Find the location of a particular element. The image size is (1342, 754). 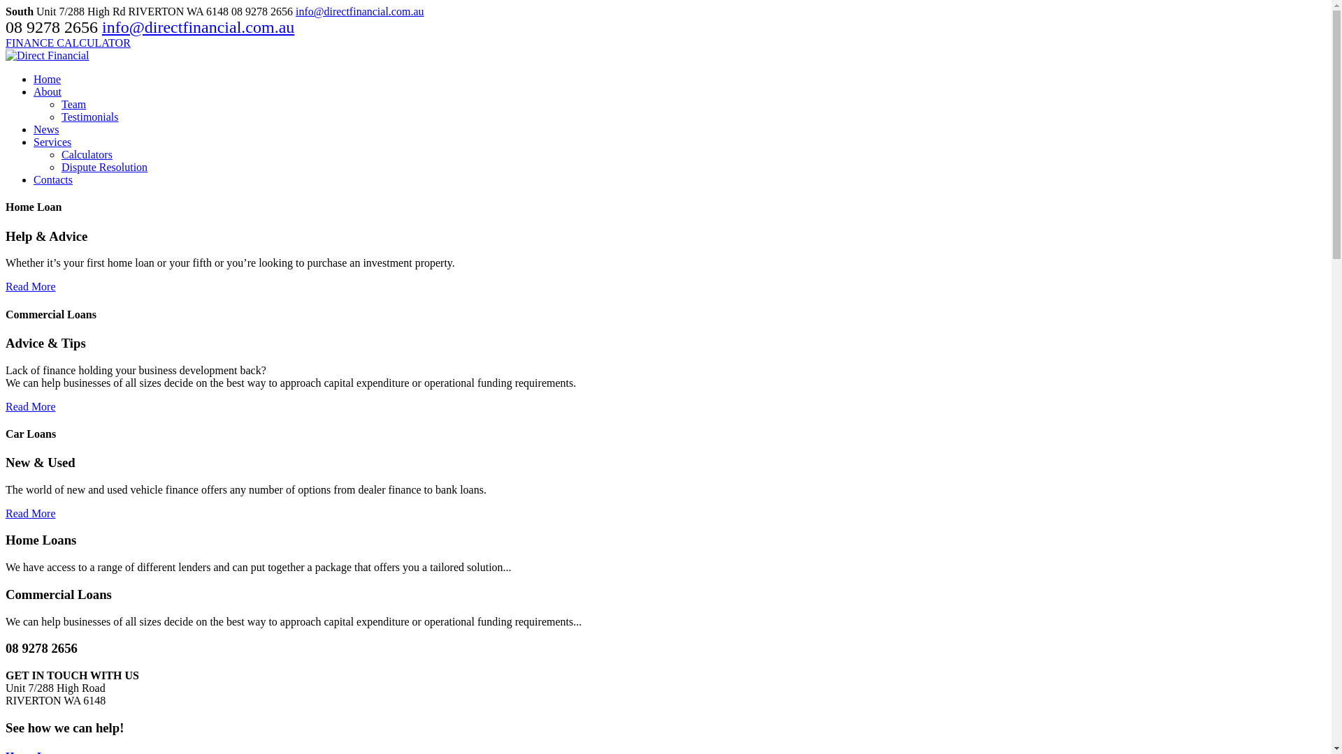

'Read More' is located at coordinates (30, 406).